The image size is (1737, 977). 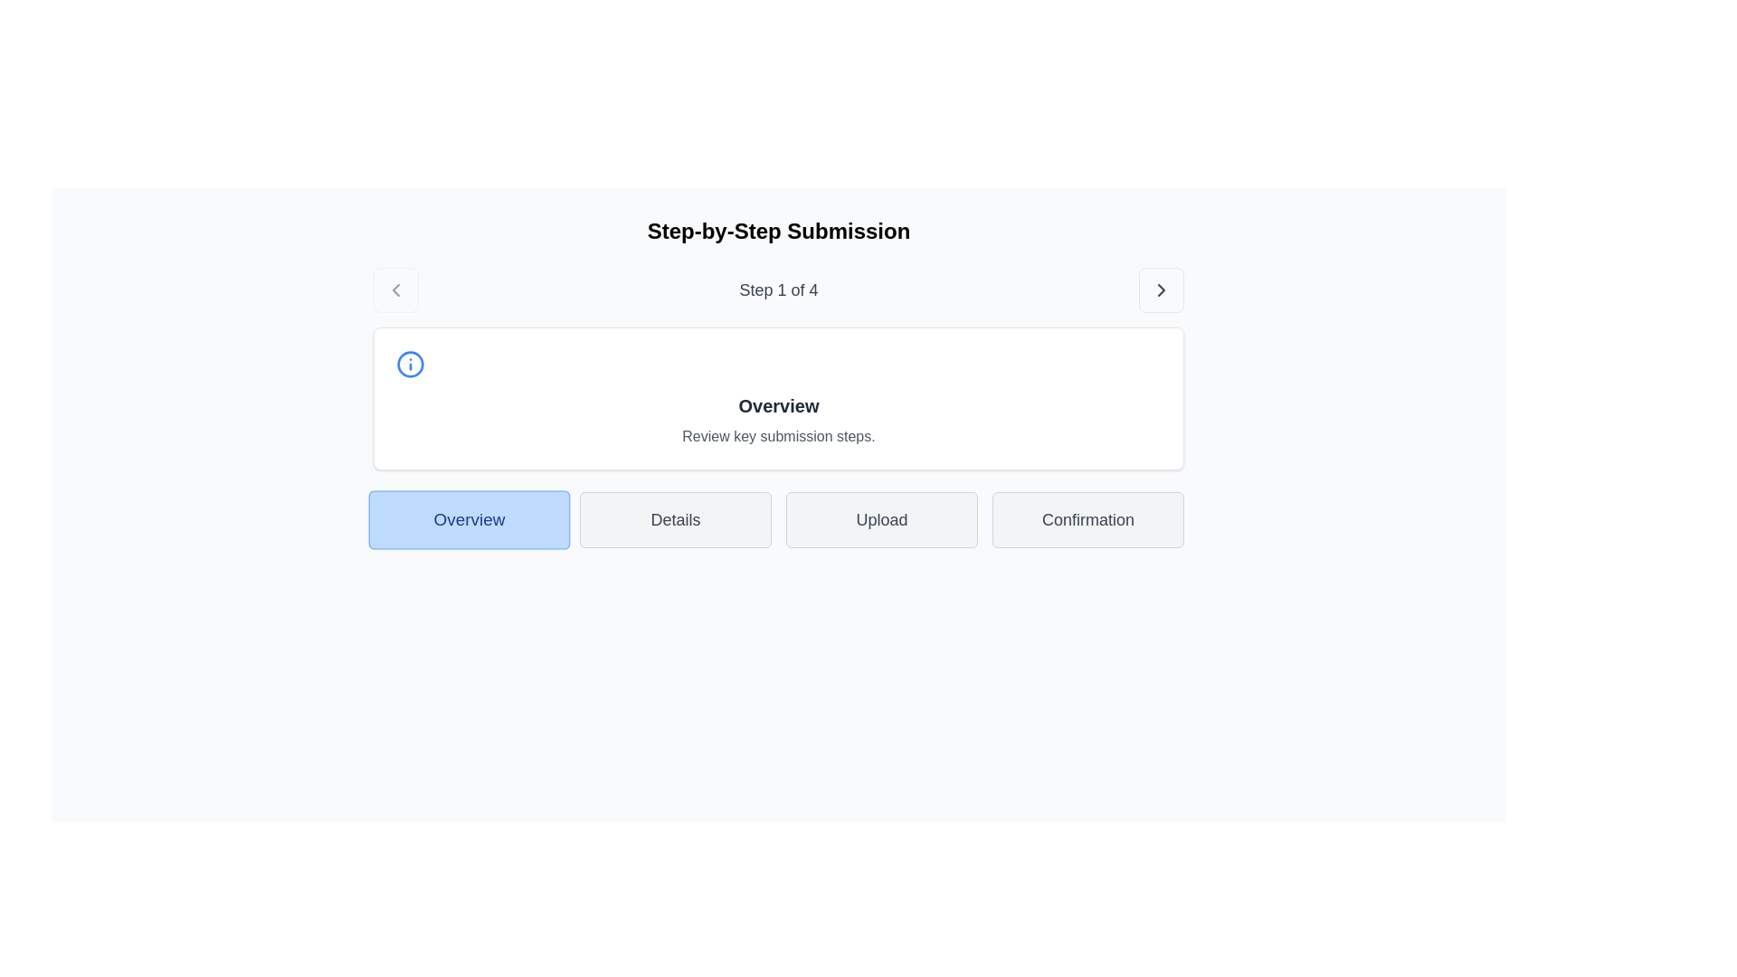 I want to click on the 'Overview' button, which is a rectangular button with a light blue background and bold dark blue text, located in the first position of a horizontal grid of buttons beneath the panel labeled 'Step 1 of 4', so click(x=469, y=519).